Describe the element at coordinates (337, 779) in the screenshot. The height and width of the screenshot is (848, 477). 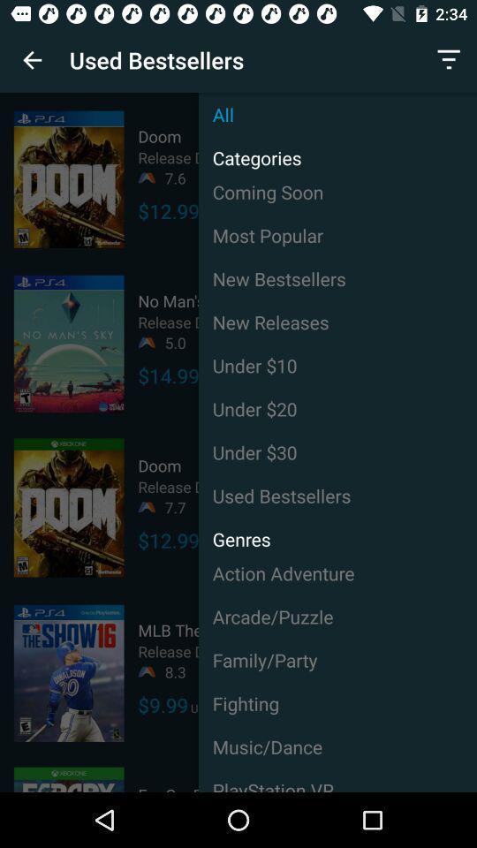
I see `the icon below music/dance` at that location.